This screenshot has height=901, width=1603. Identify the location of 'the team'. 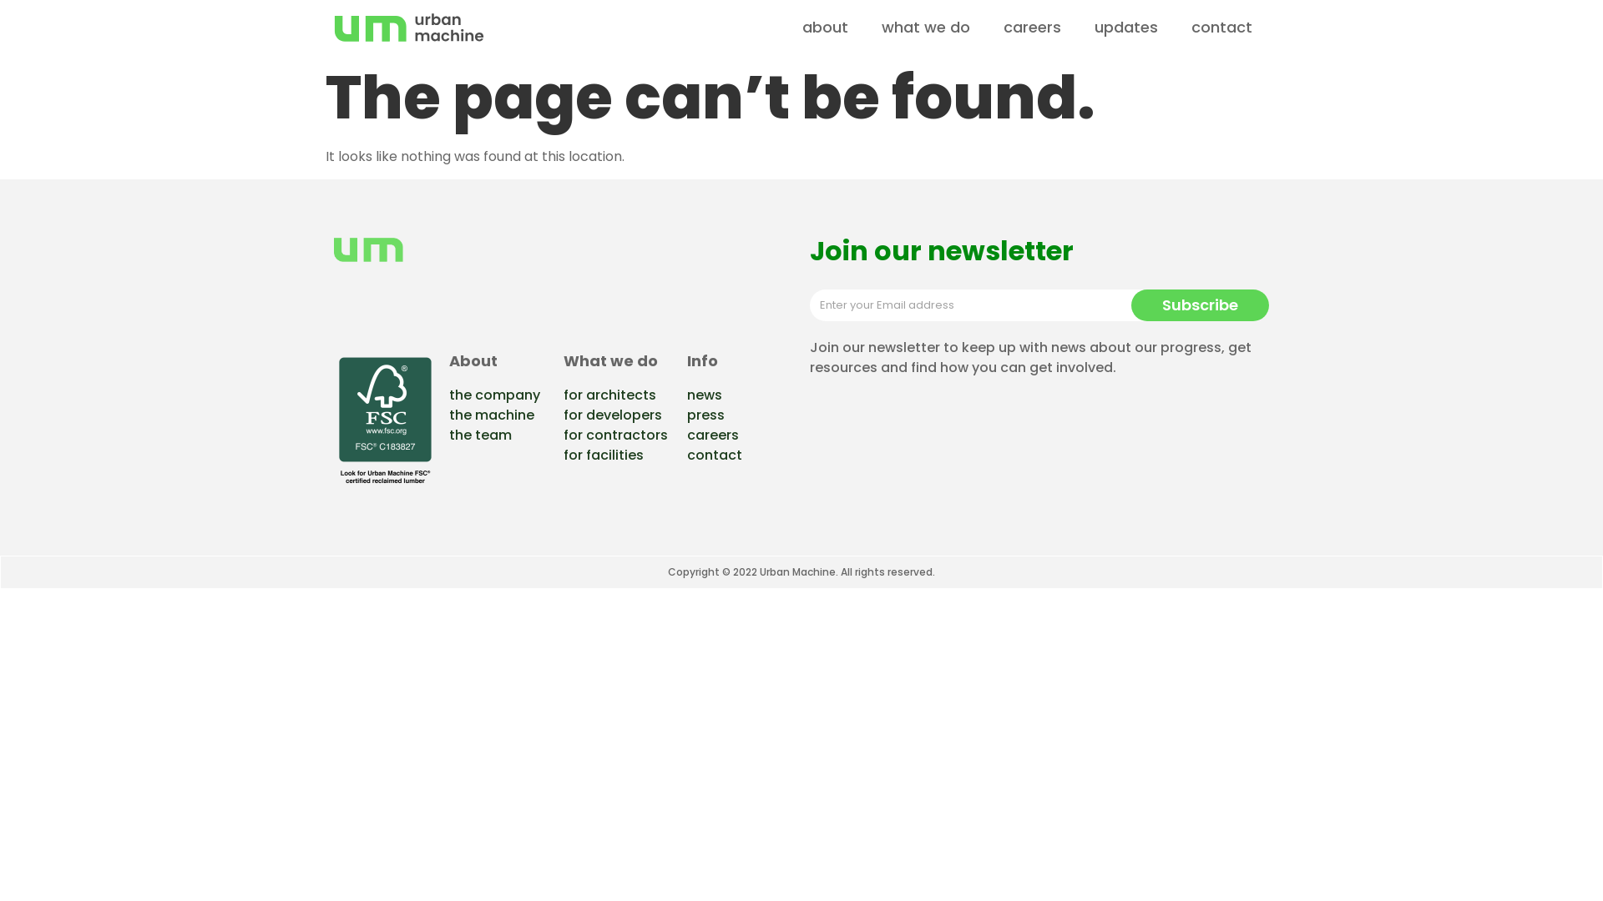
(448, 434).